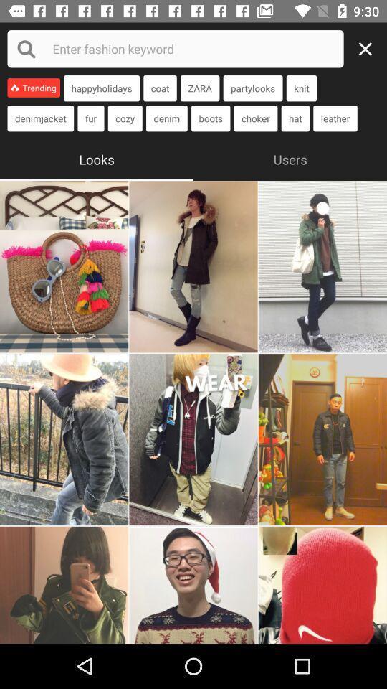  What do you see at coordinates (193, 266) in the screenshot?
I see `look closer at picture` at bounding box center [193, 266].